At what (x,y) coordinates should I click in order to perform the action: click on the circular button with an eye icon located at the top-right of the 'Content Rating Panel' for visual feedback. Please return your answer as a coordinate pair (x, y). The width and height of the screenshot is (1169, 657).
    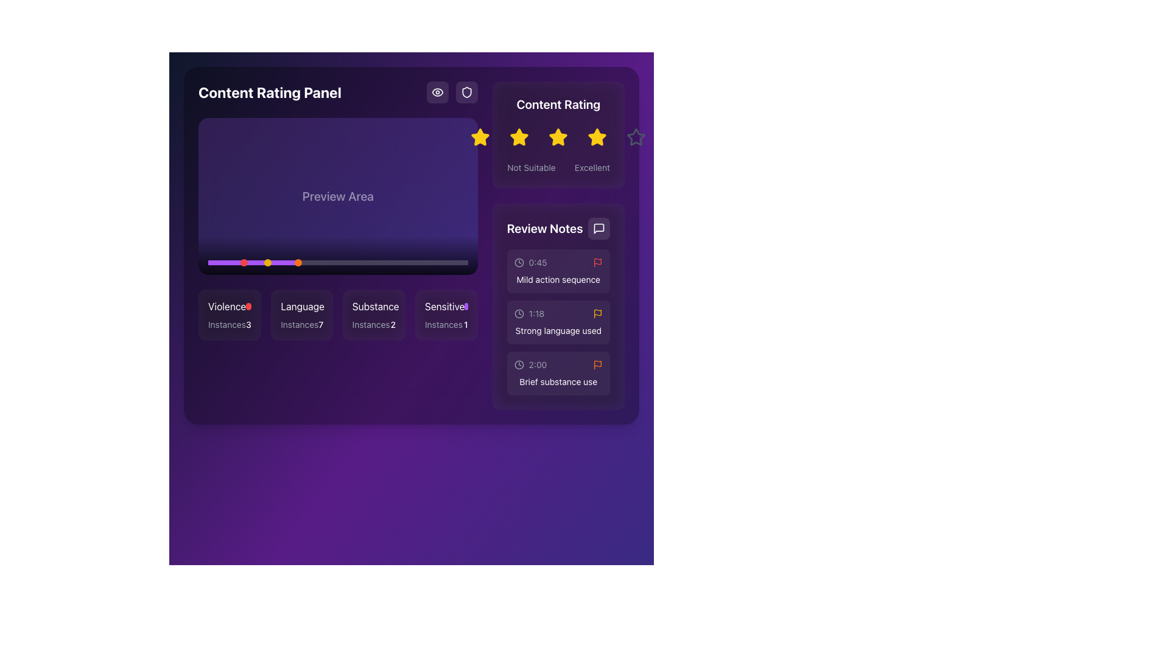
    Looking at the image, I should click on (437, 91).